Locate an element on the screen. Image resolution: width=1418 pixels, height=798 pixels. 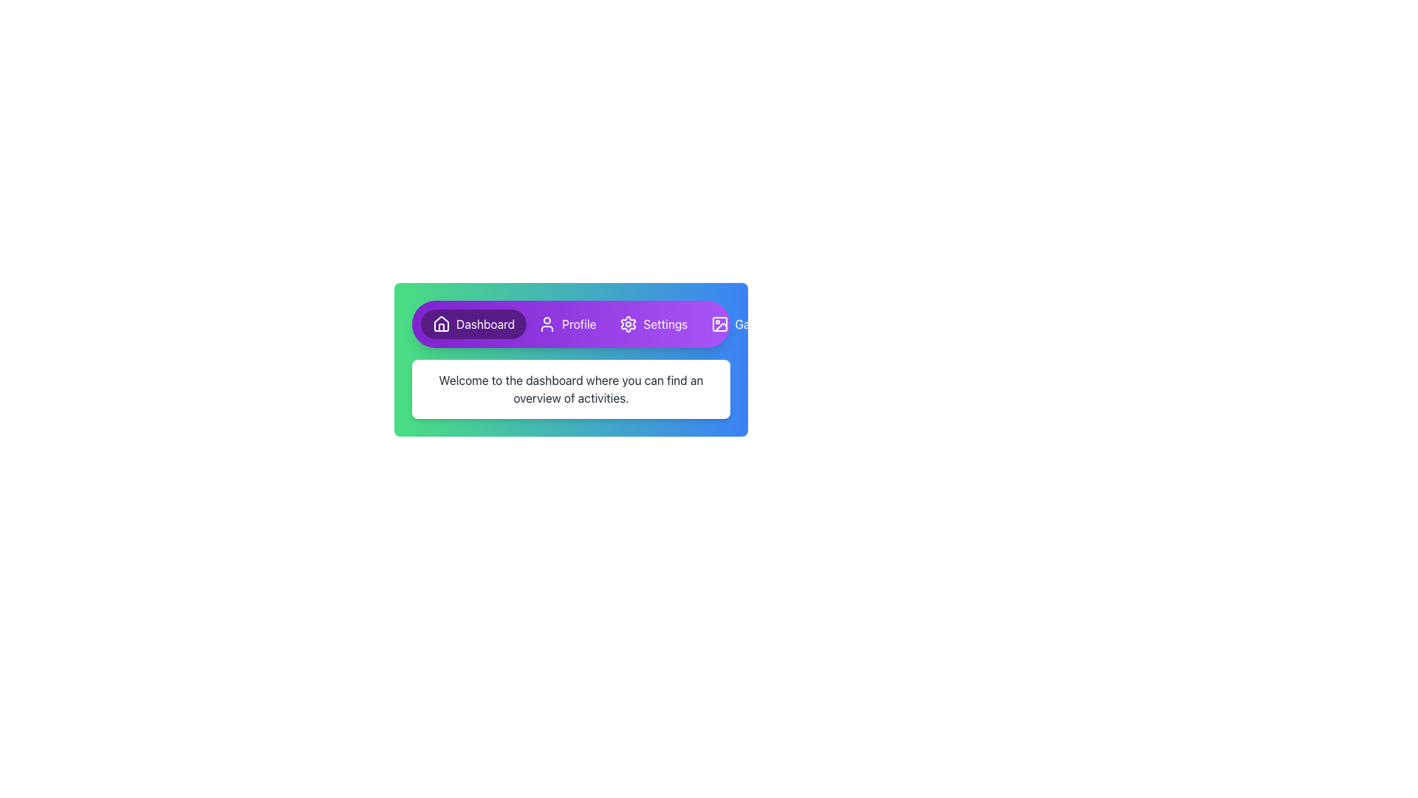
the 'Settings' text label, which is styled in white text on a purple rounded background, located in the horizontal navigation bar as the third item after 'Dashboard' and 'Profile' is located at coordinates (665, 324).